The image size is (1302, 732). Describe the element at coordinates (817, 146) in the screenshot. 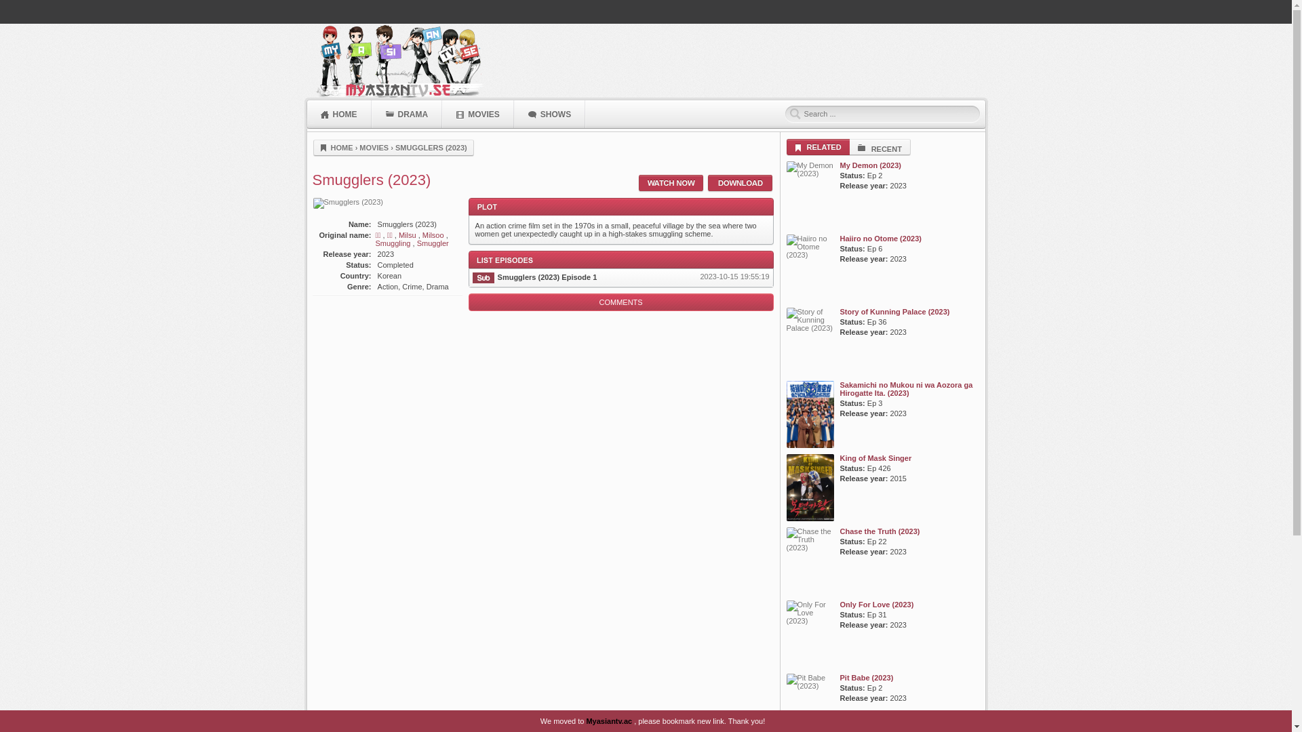

I see `'RELATED'` at that location.